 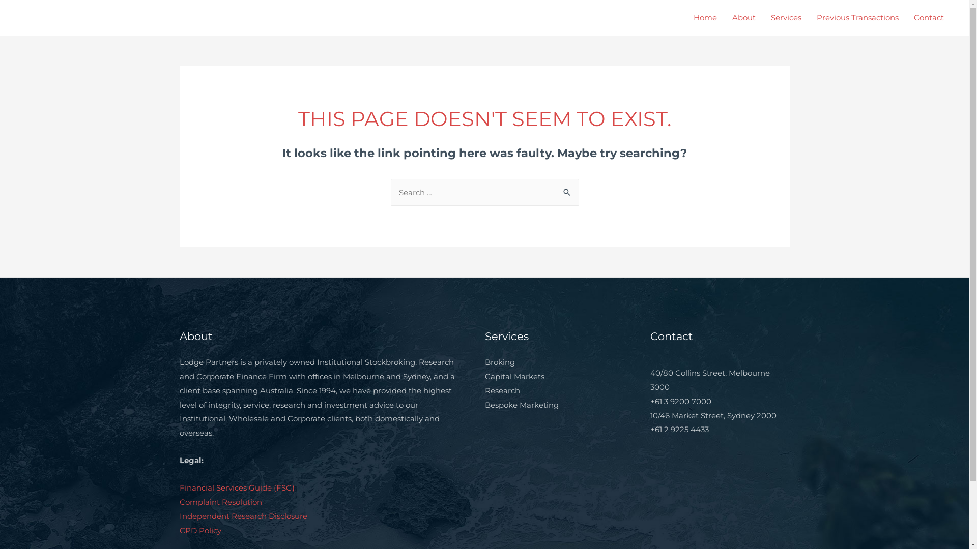 What do you see at coordinates (709, 380) in the screenshot?
I see `'40/80 Collins Street, Melbourne 3000'` at bounding box center [709, 380].